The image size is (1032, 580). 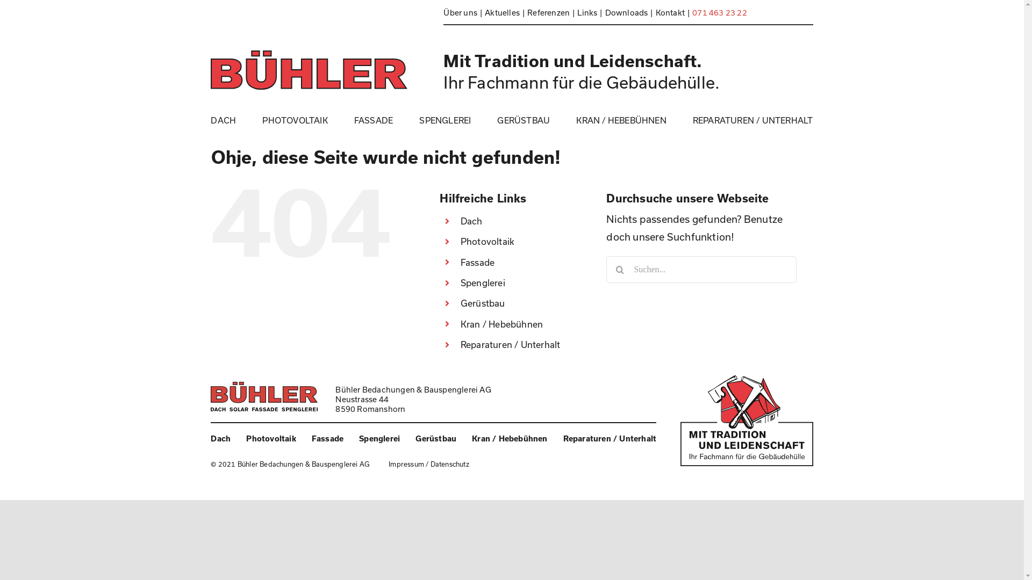 What do you see at coordinates (746, 420) in the screenshot?
I see `'label'` at bounding box center [746, 420].